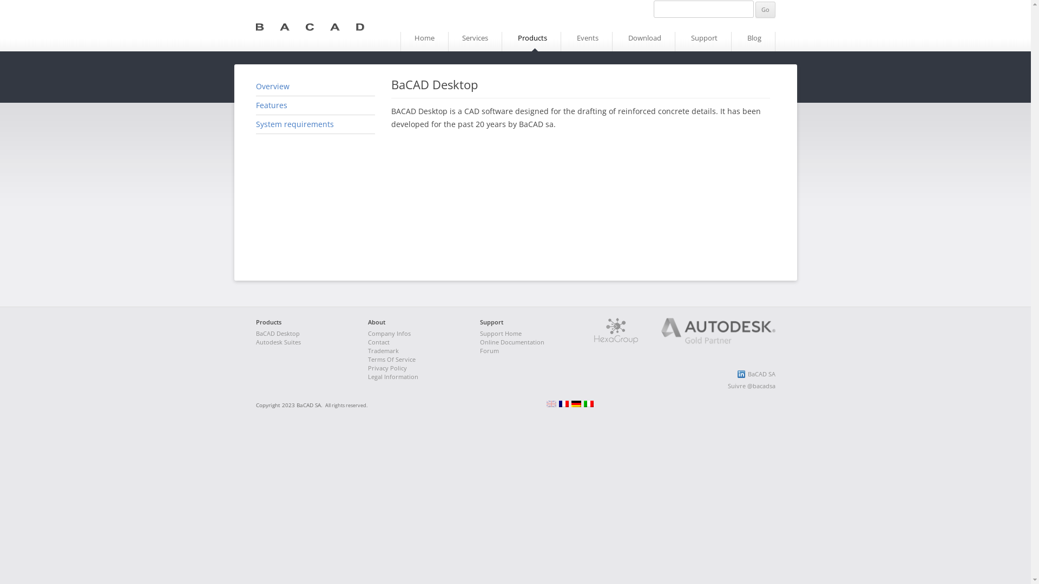  I want to click on 'Autodesk Suites', so click(254, 342).